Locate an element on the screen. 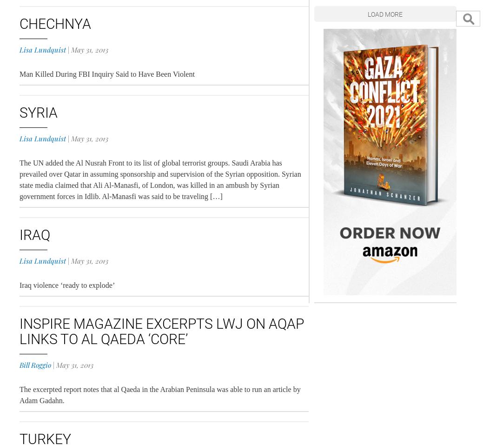  'Chechnya' is located at coordinates (54, 23).